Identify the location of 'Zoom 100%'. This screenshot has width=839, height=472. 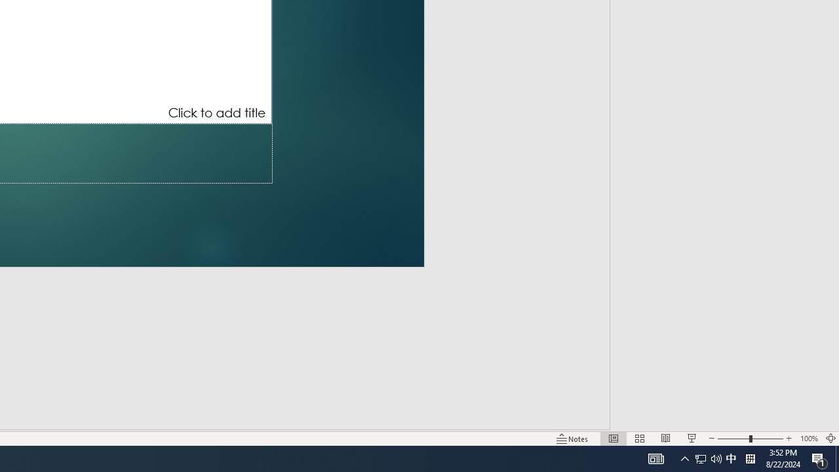
(808, 439).